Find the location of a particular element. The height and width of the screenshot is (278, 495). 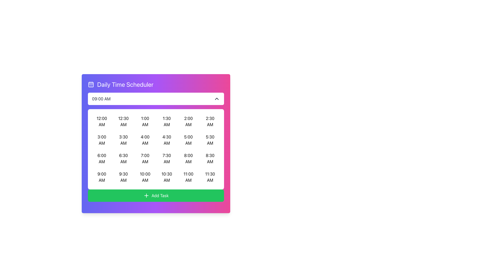

the time slot button located in the eighth column and third row of the Daily Time Scheduler grid is located at coordinates (167, 158).